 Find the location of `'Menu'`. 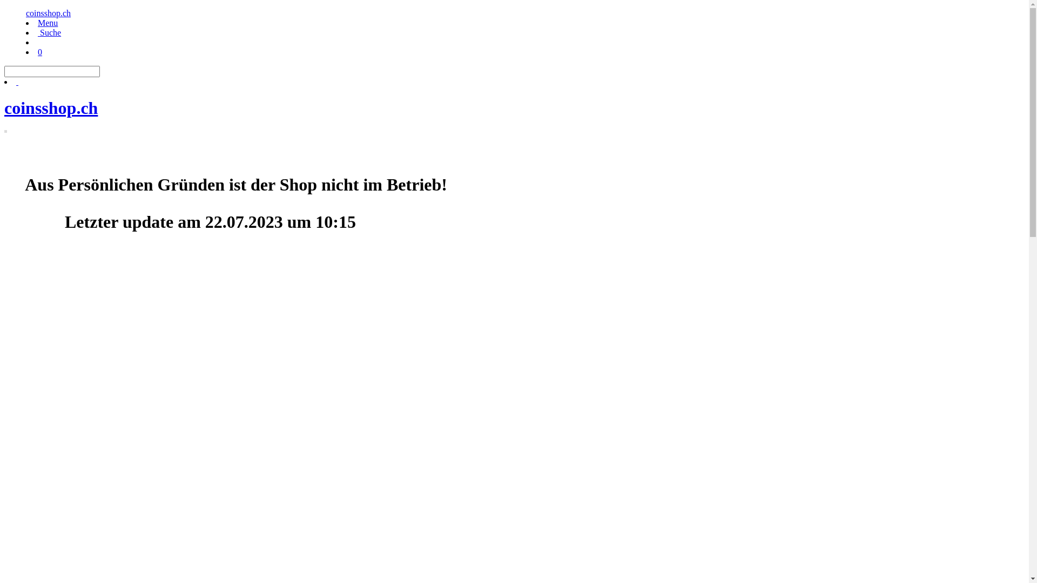

'Menu' is located at coordinates (47, 23).